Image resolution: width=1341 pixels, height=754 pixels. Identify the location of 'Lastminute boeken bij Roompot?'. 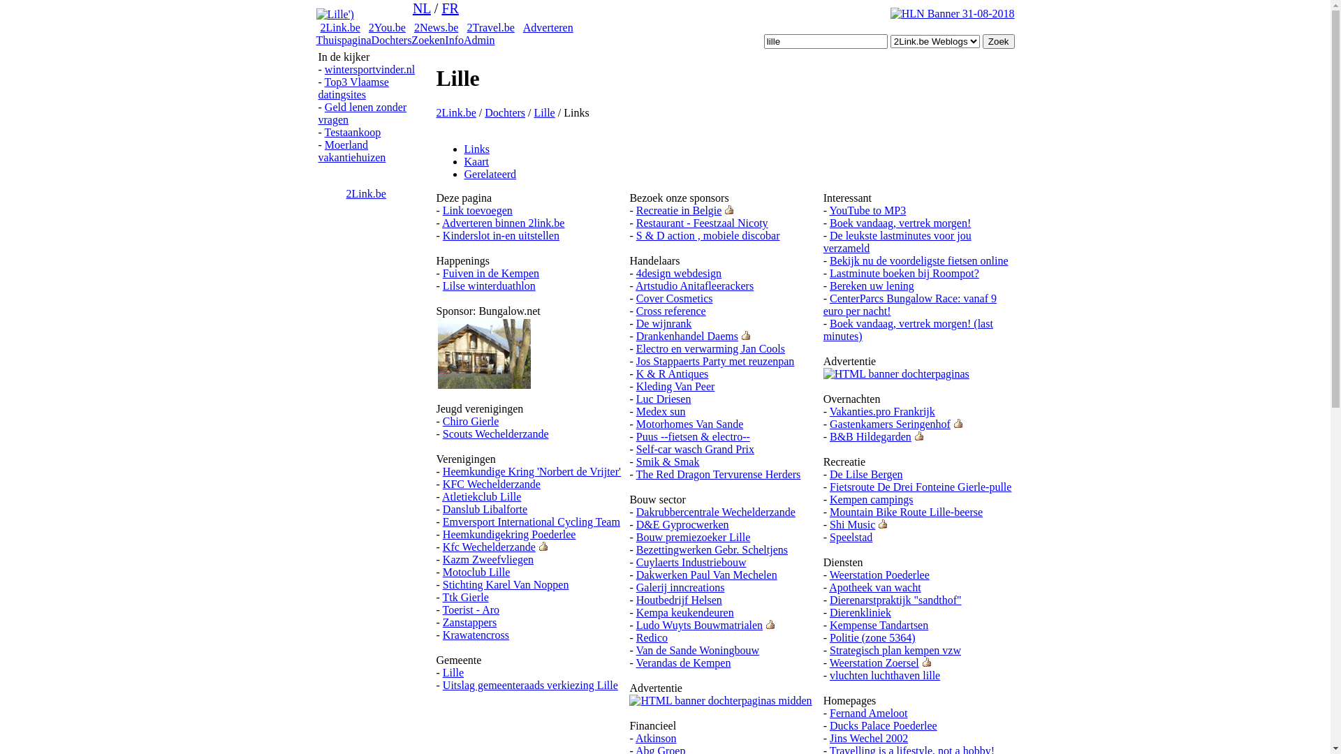
(904, 273).